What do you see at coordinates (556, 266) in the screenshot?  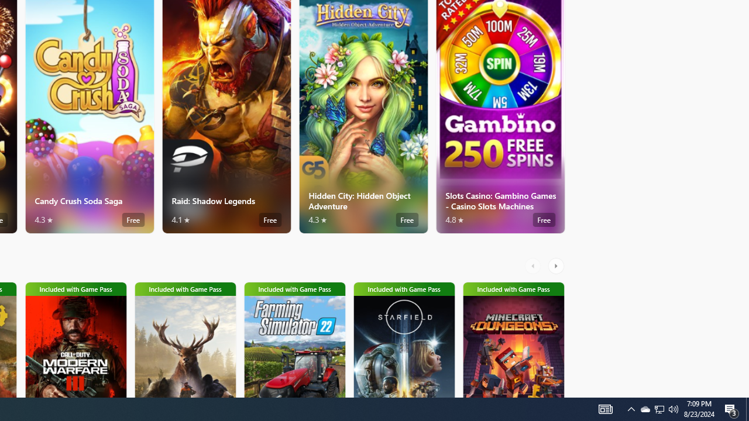 I see `'AutomationID: RightScrollButton'` at bounding box center [556, 266].